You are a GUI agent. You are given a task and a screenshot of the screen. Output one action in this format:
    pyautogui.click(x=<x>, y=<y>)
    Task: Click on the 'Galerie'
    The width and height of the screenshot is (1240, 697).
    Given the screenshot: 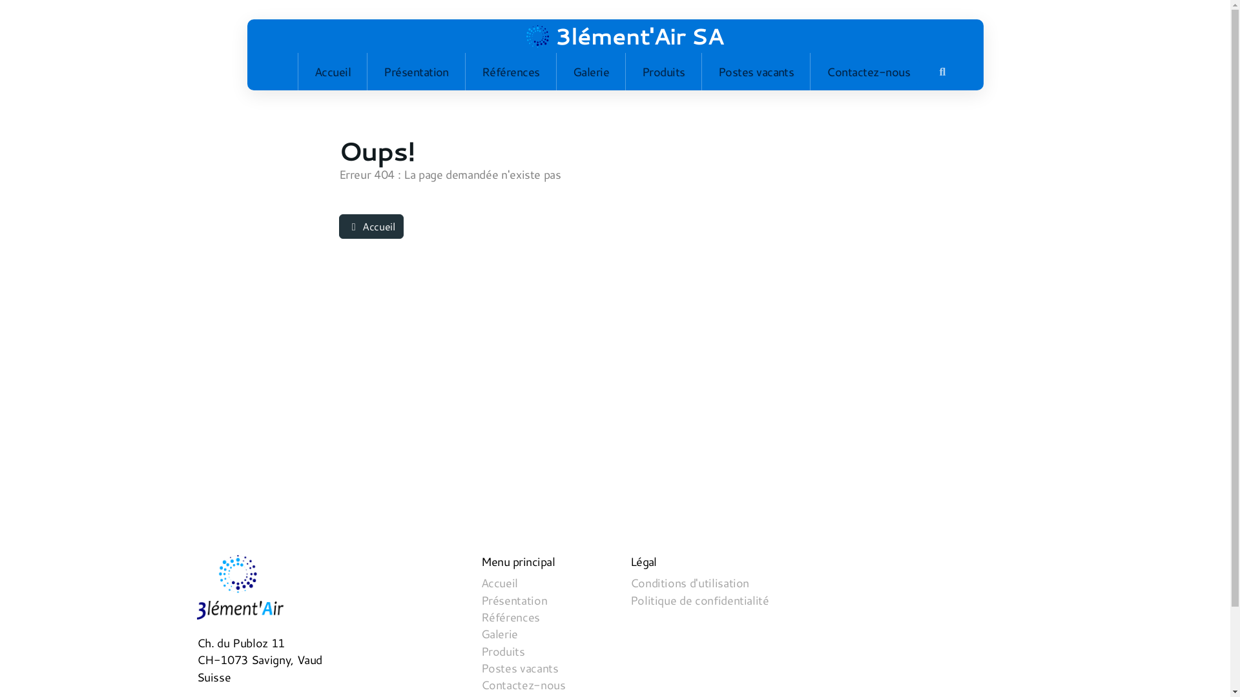 What is the action you would take?
    pyautogui.click(x=590, y=72)
    